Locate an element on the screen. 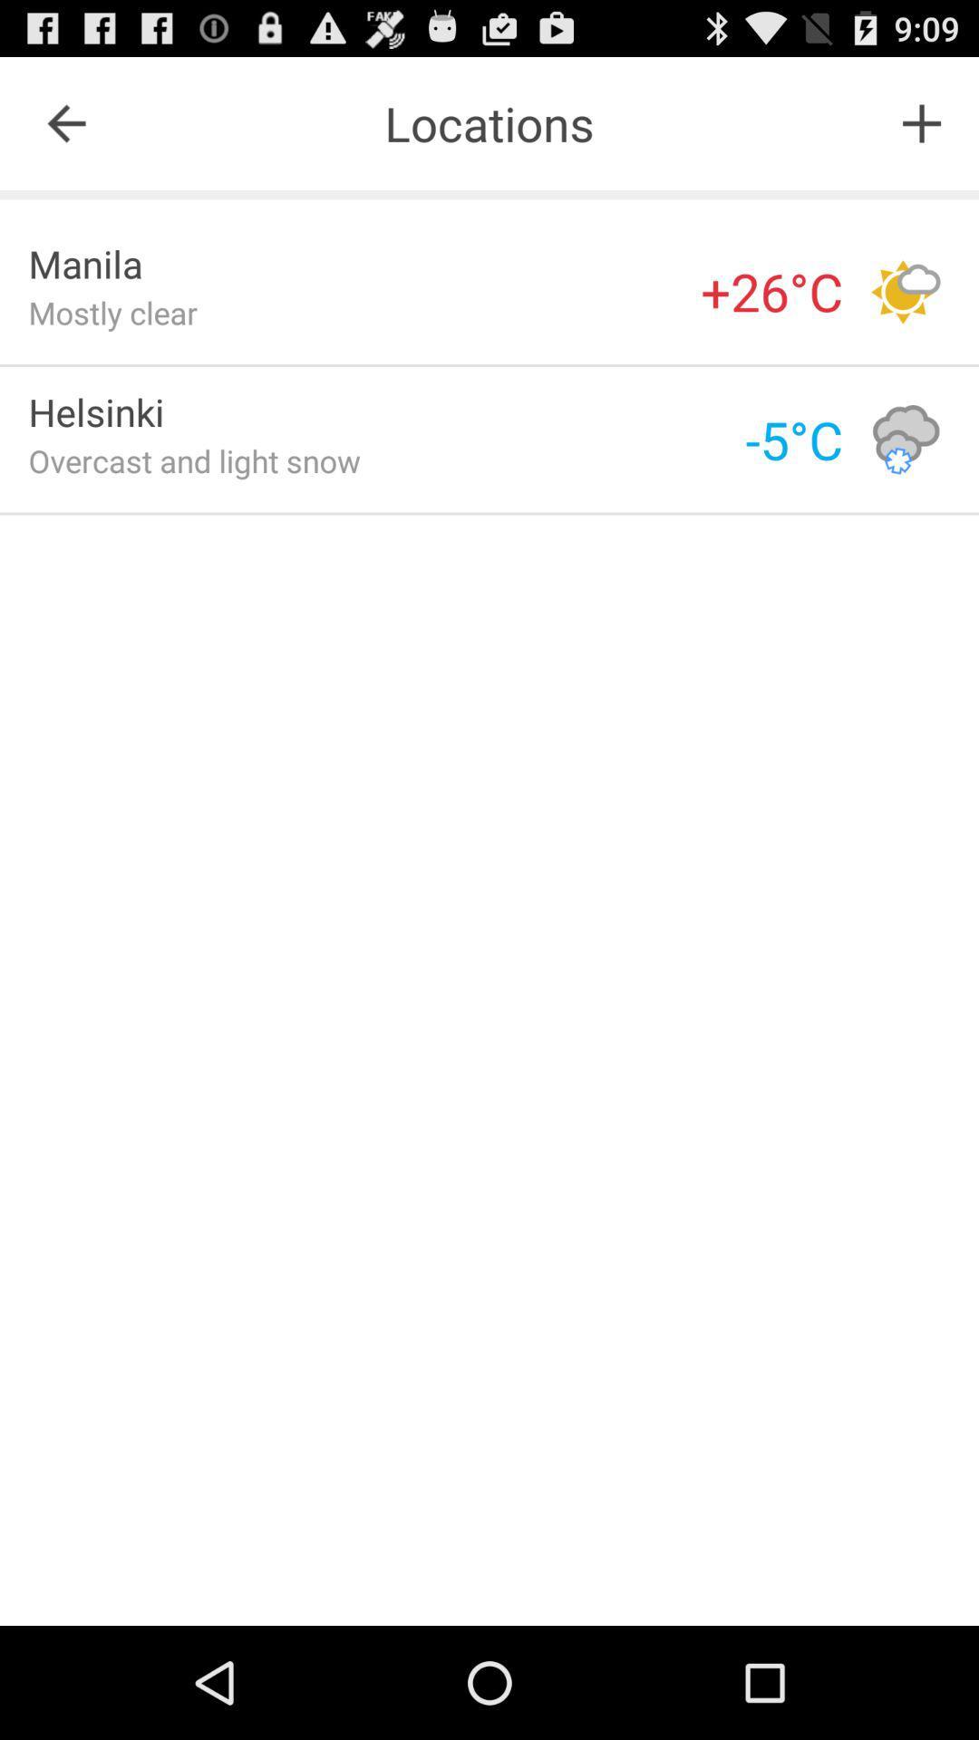 The image size is (979, 1740). icon to the left of the locations icon is located at coordinates (65, 122).